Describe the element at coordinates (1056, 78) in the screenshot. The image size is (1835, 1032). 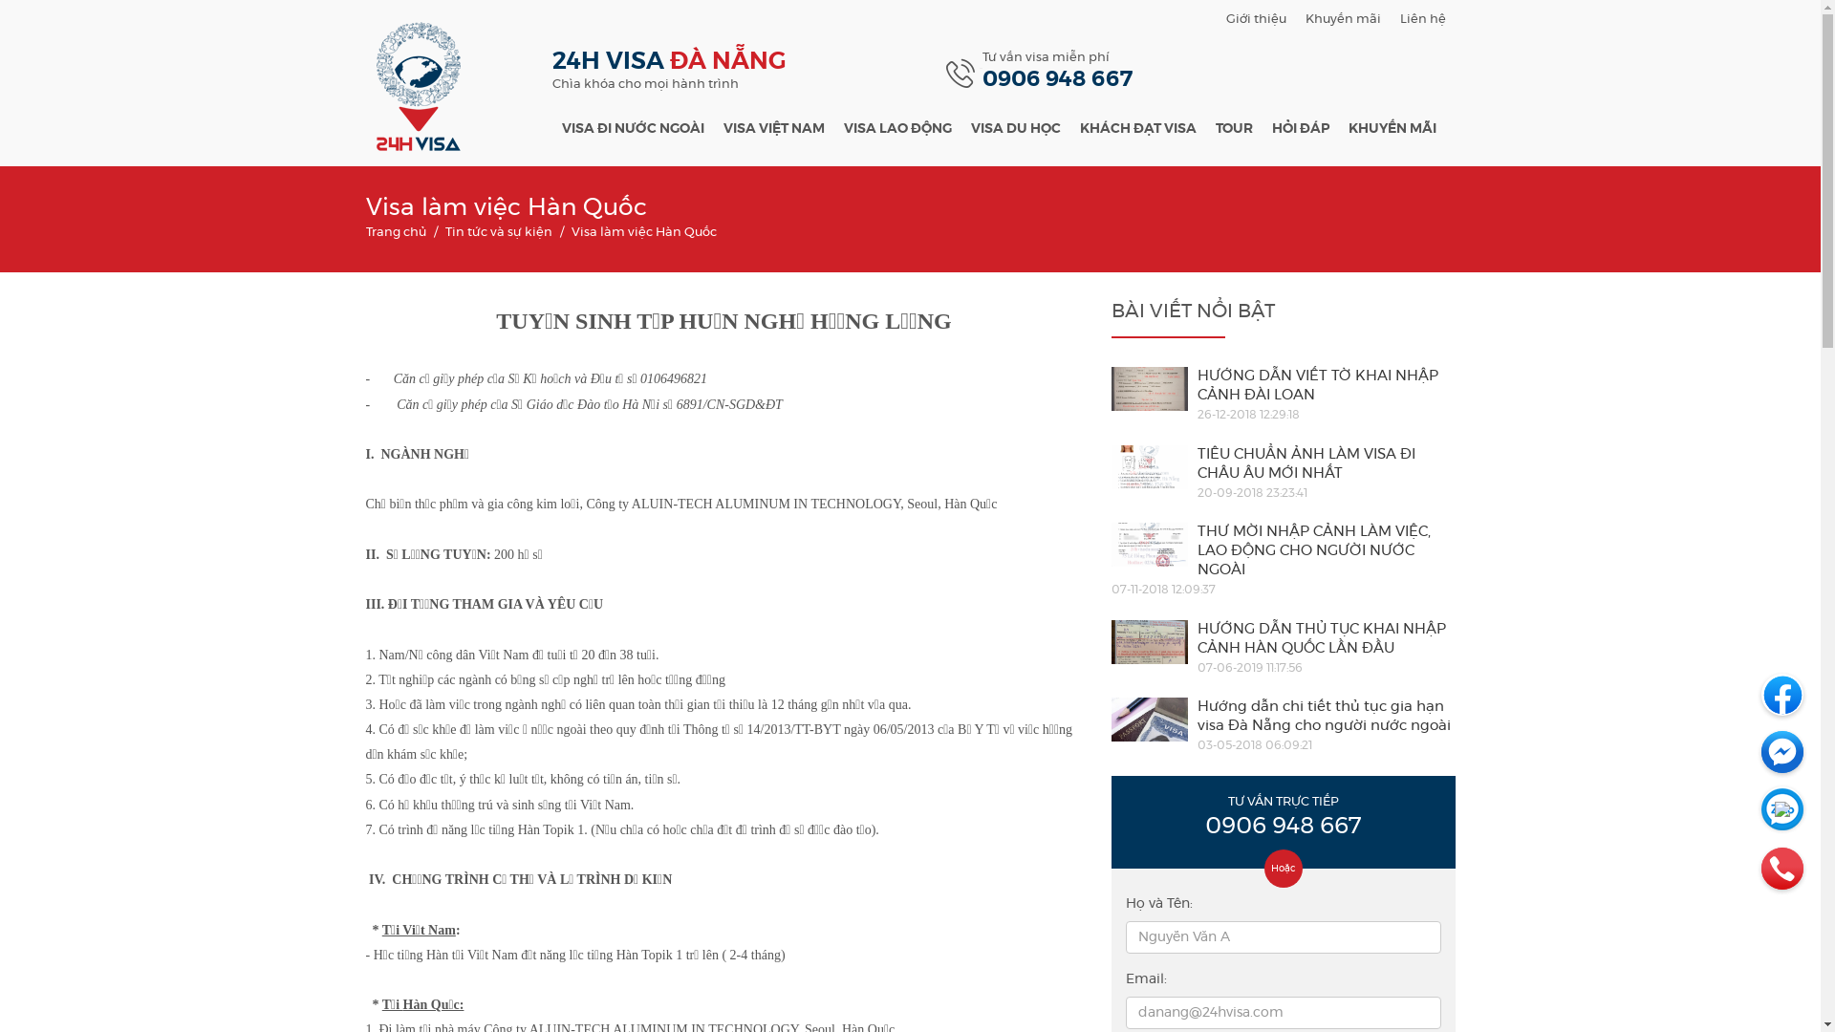
I see `'0906 948 667'` at that location.